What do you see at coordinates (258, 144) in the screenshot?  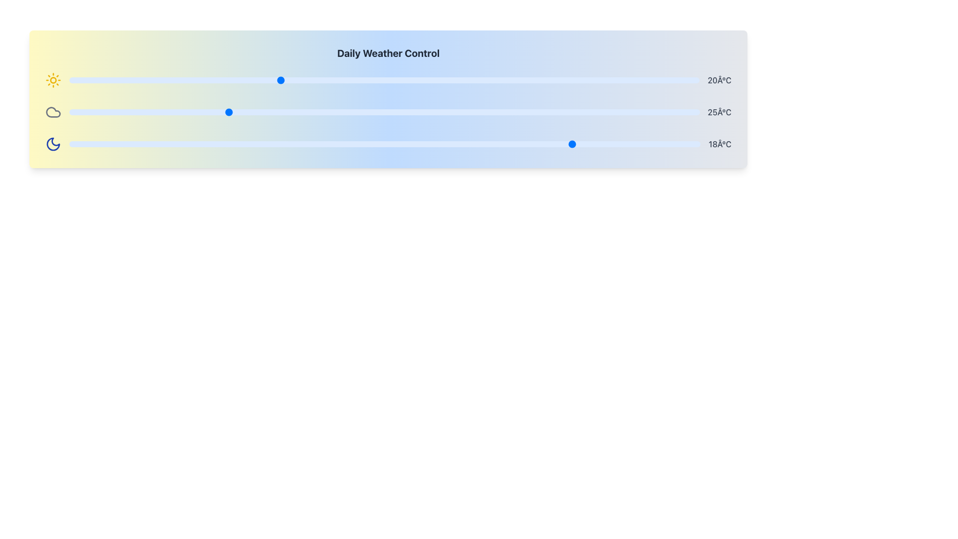 I see `the temperature slider` at bounding box center [258, 144].